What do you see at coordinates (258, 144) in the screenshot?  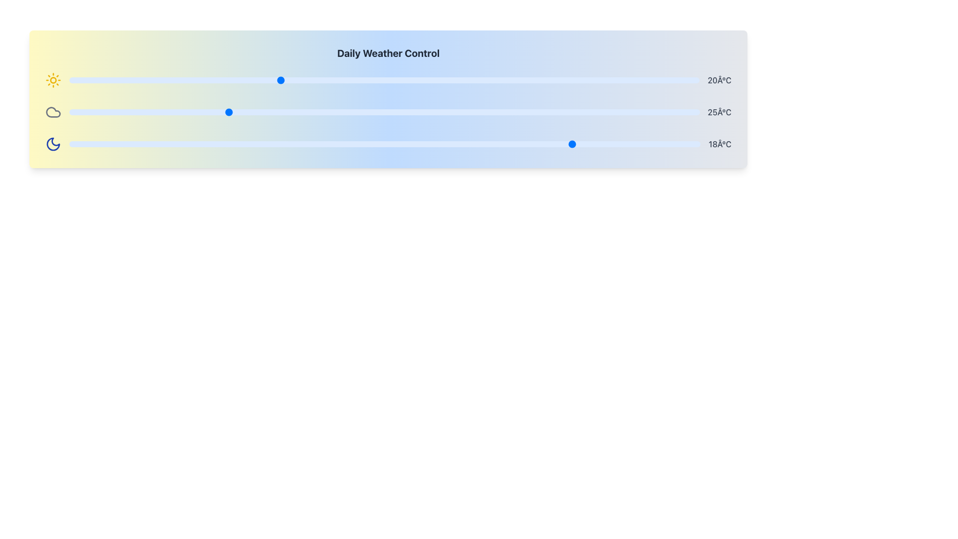 I see `the temperature slider` at bounding box center [258, 144].